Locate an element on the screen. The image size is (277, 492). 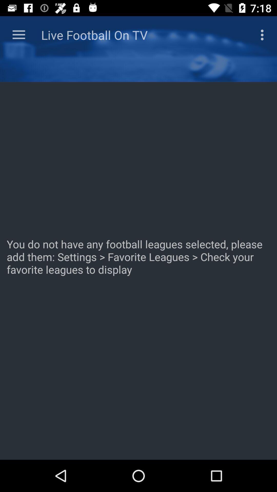
icon to the left of live football on item is located at coordinates (18, 35).